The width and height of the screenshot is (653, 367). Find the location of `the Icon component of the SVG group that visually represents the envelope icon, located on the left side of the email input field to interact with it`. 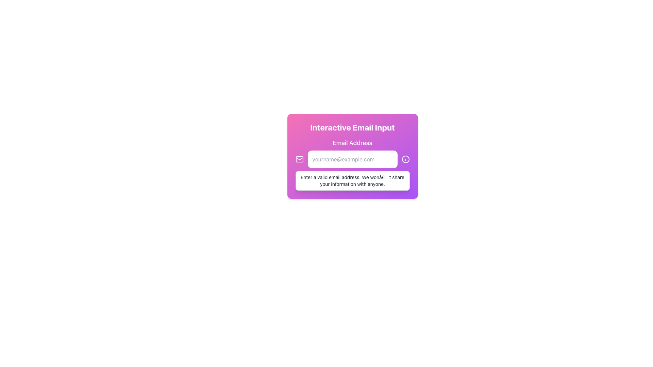

the Icon component of the SVG group that visually represents the envelope icon, located on the left side of the email input field to interact with it is located at coordinates (299, 159).